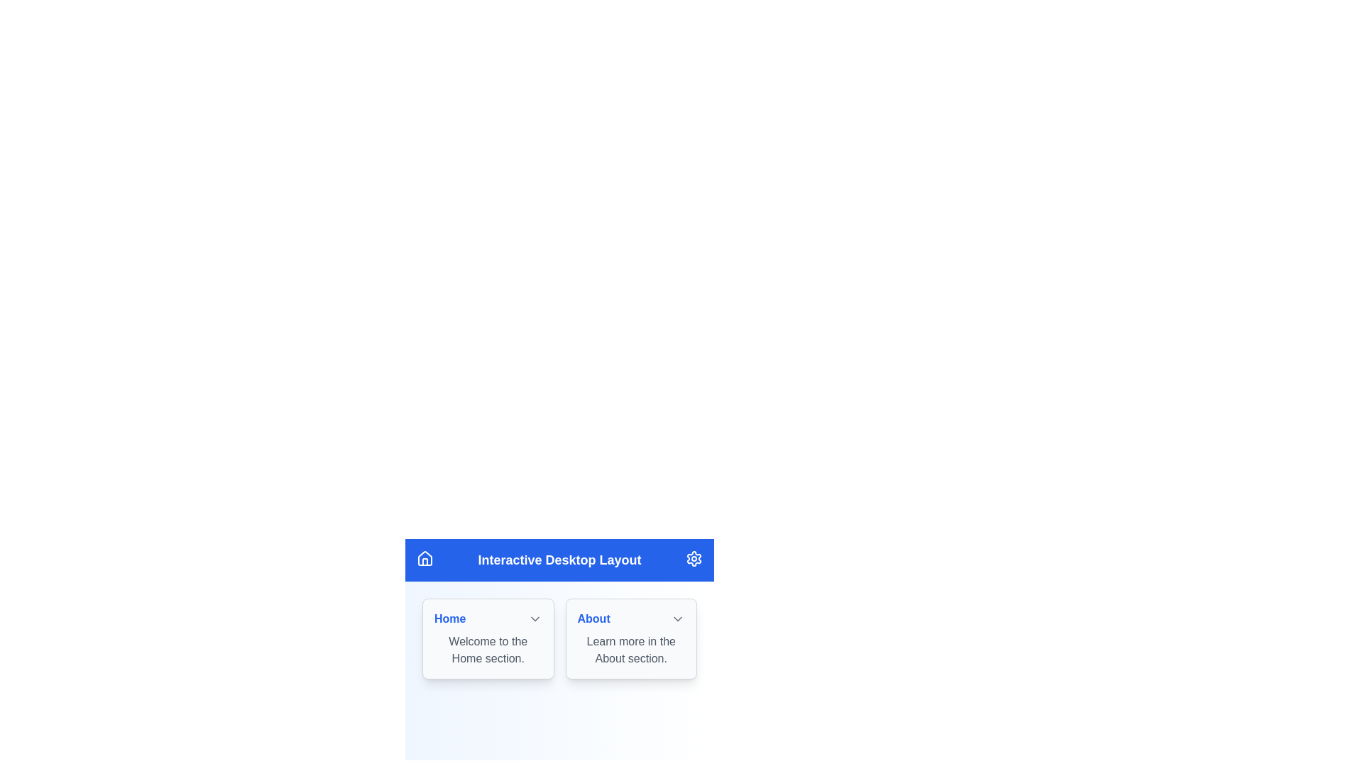 This screenshot has width=1363, height=766. What do you see at coordinates (677, 618) in the screenshot?
I see `the downward-pointing chevron icon located next to the text 'About', which is styled with a thin border and uses a gray color palette` at bounding box center [677, 618].